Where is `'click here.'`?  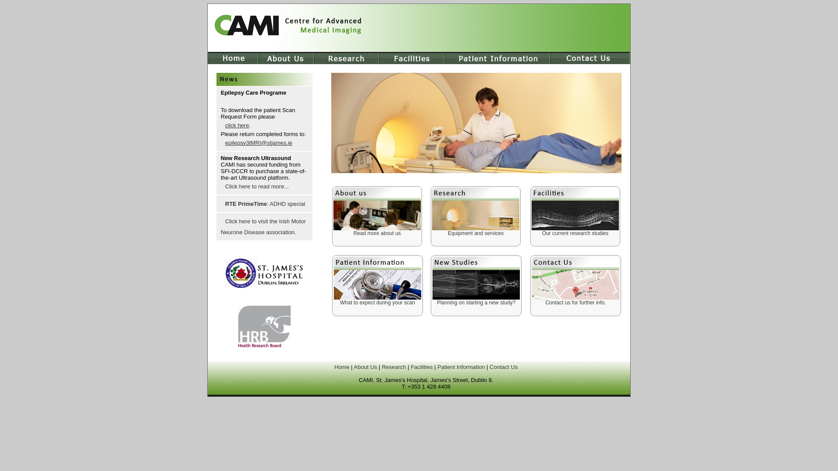
'click here.' is located at coordinates (264, 125).